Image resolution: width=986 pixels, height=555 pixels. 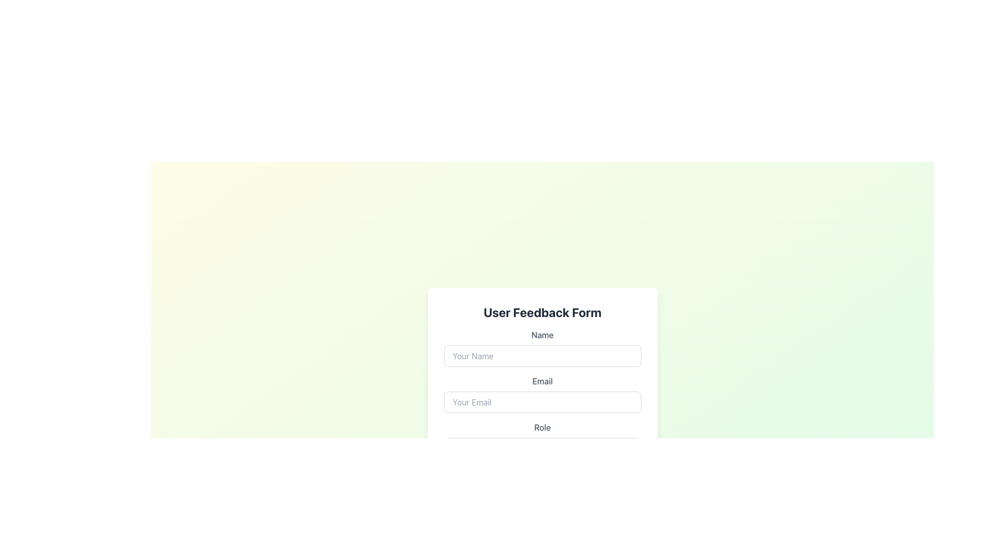 What do you see at coordinates (542, 428) in the screenshot?
I see `text label that indicates the role selection for the dropdown menu located above the 'Select Role' dropdown in the user feedback form` at bounding box center [542, 428].